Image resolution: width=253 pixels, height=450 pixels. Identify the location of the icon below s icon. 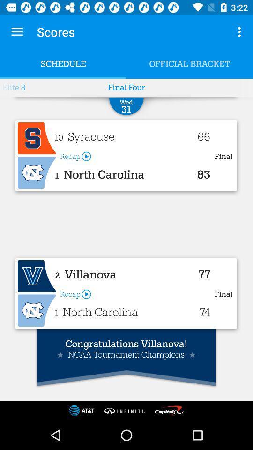
(37, 172).